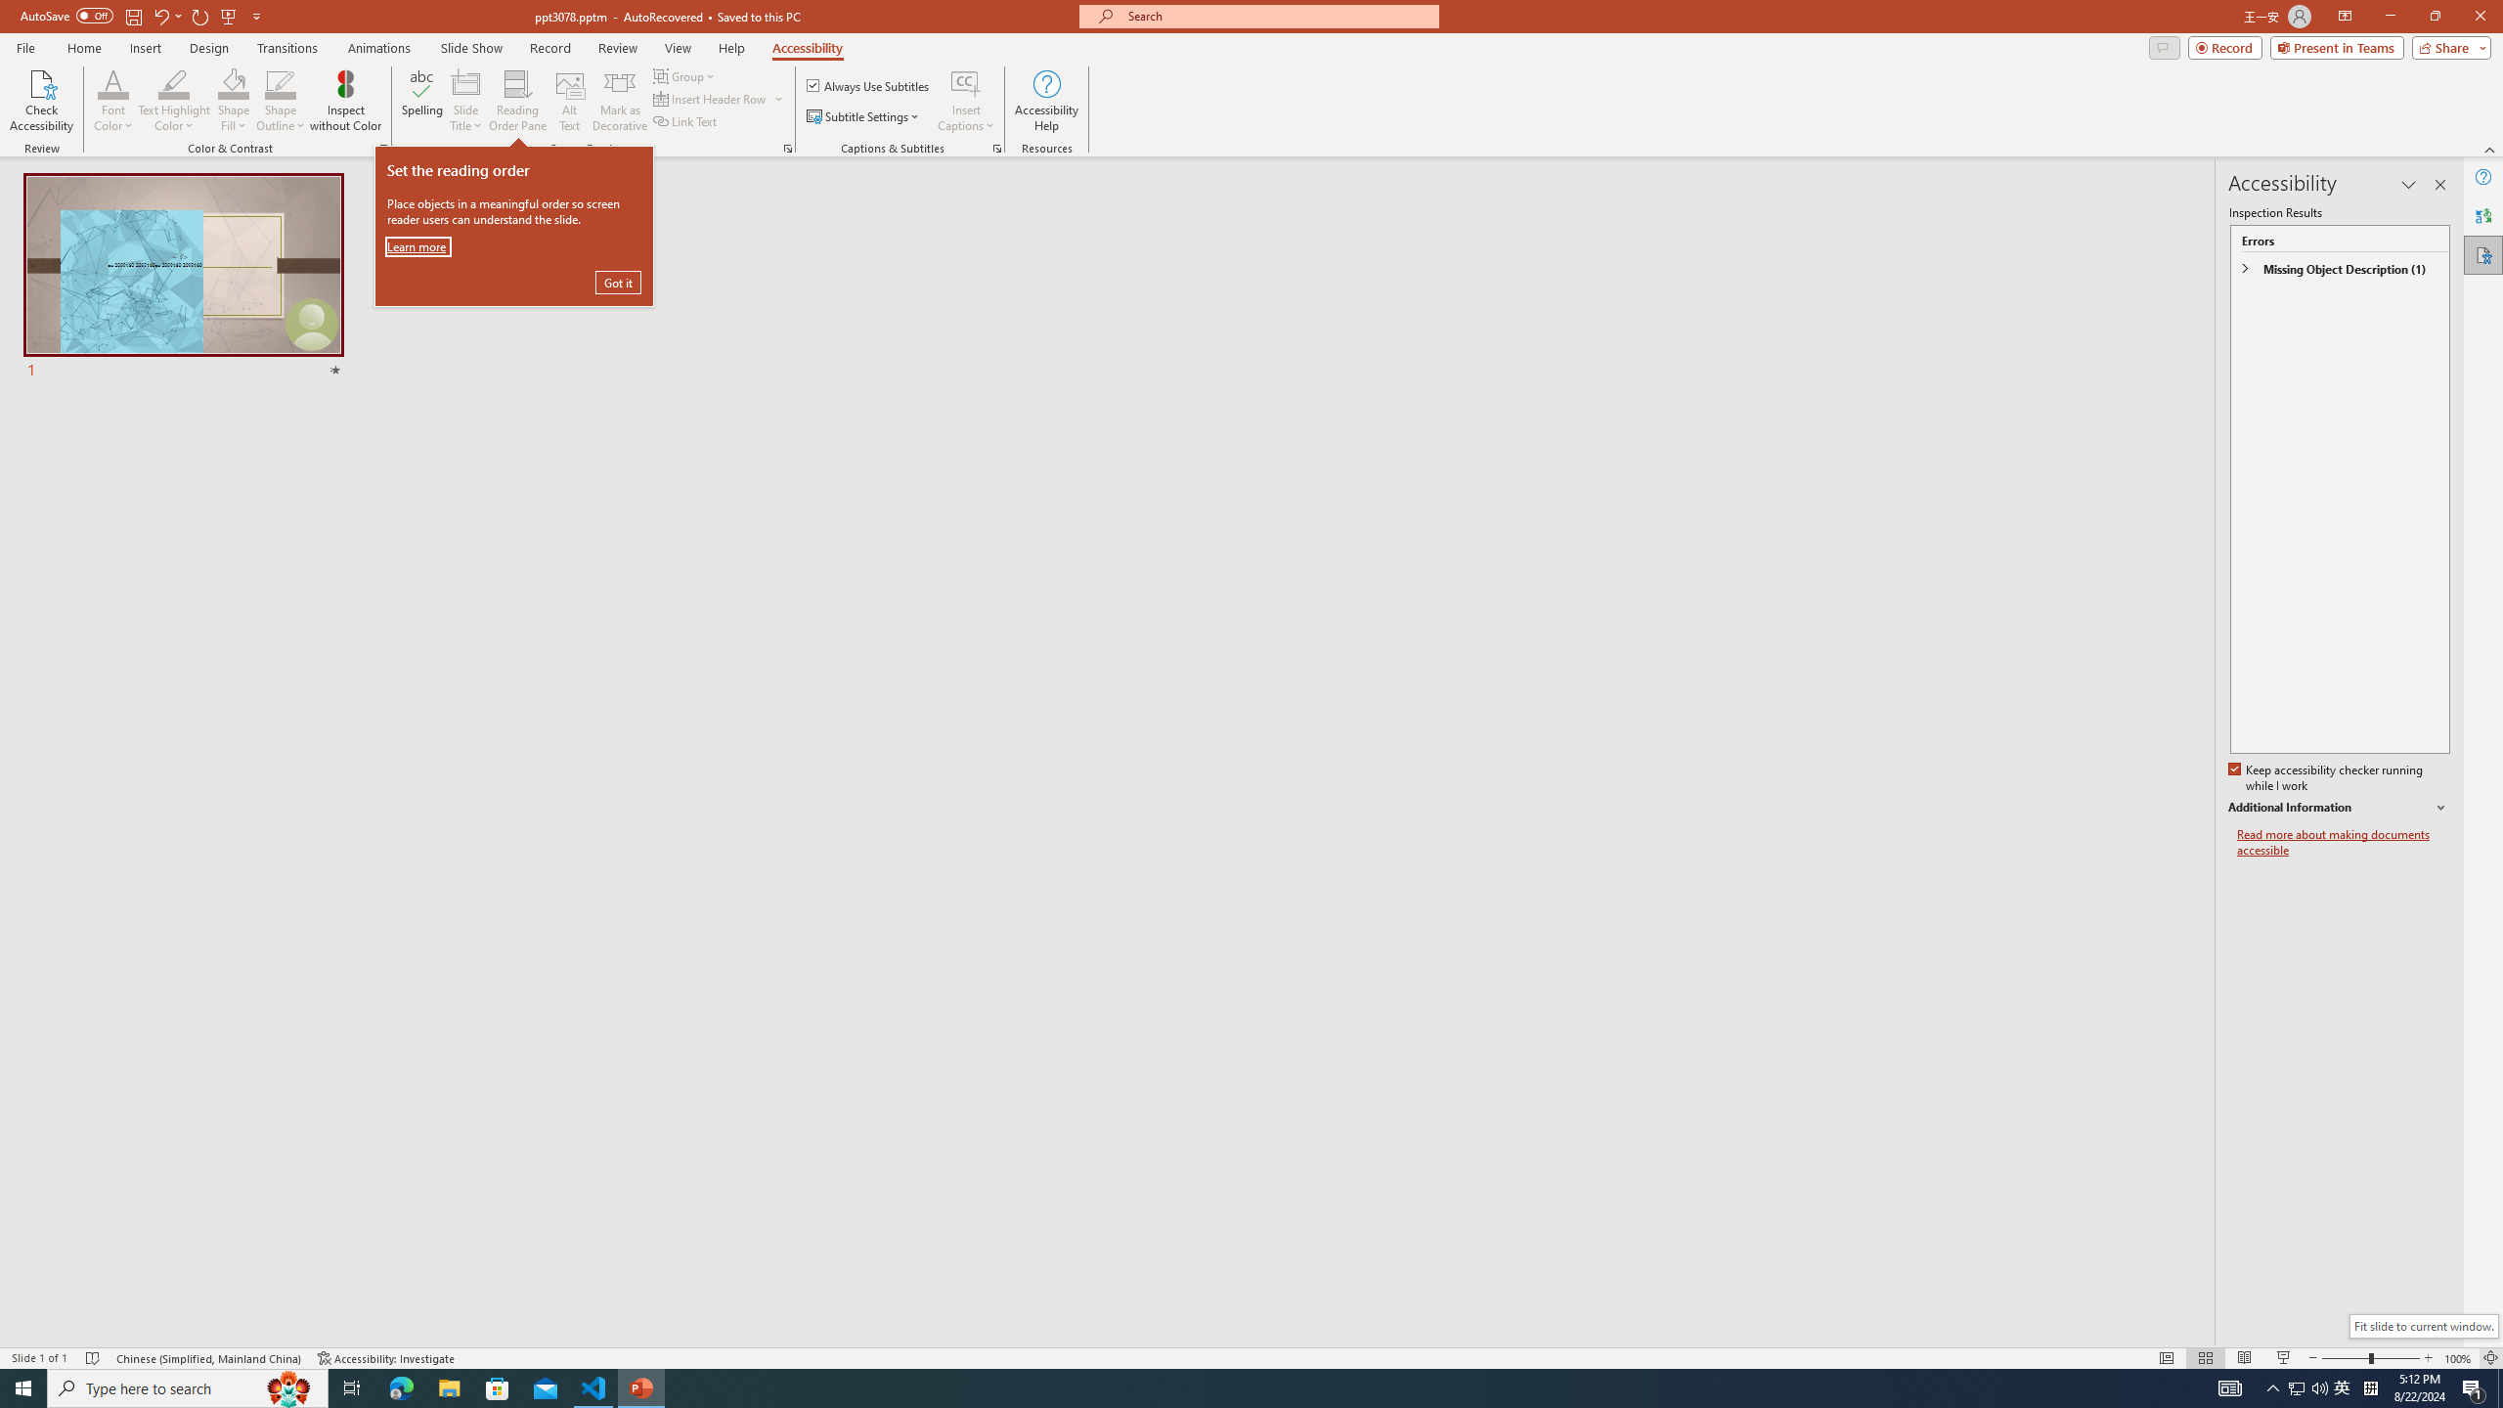 This screenshot has width=2503, height=1408. What do you see at coordinates (465, 82) in the screenshot?
I see `'Slide Title'` at bounding box center [465, 82].